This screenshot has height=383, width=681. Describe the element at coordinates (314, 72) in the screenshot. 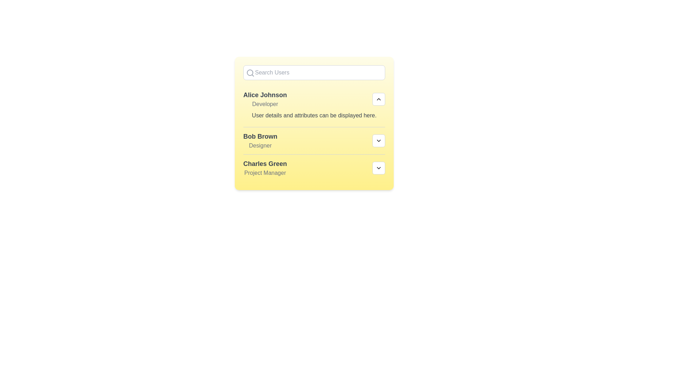

I see `the search input field and type 'Bob'` at that location.